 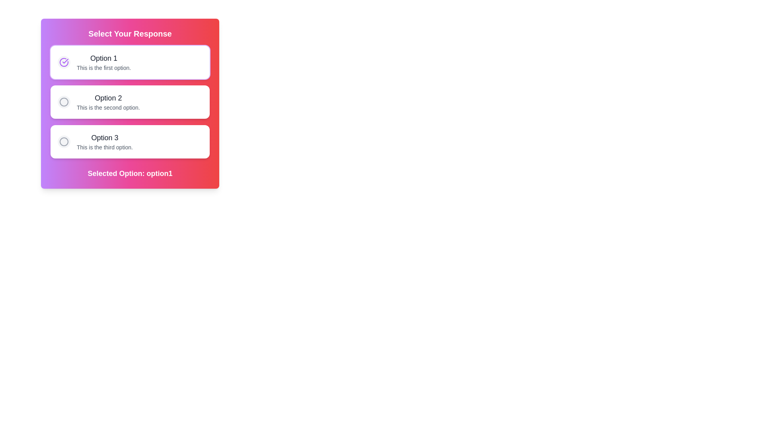 I want to click on the first selectable option in the vertical panel of options, so click(x=103, y=62).